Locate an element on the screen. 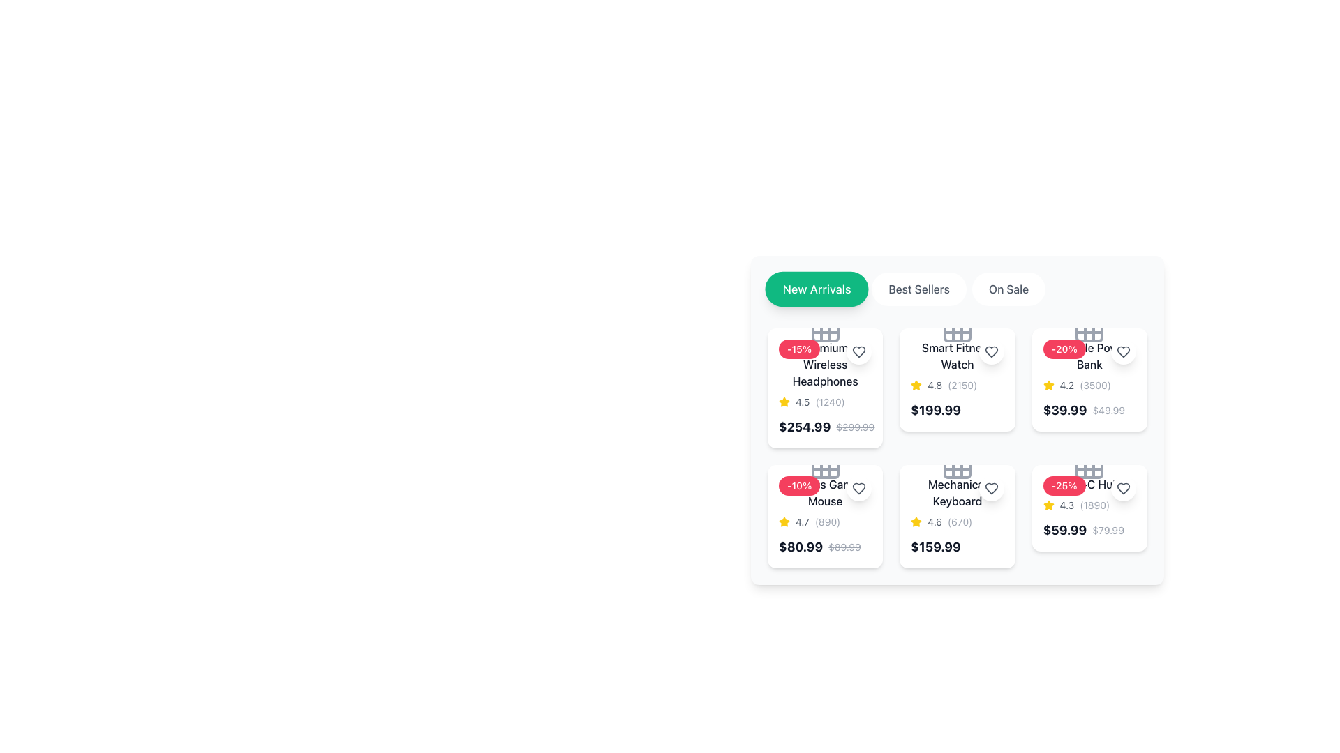  the rating display with a star icon for the 'USB-C Hub' product is located at coordinates (1089, 505).